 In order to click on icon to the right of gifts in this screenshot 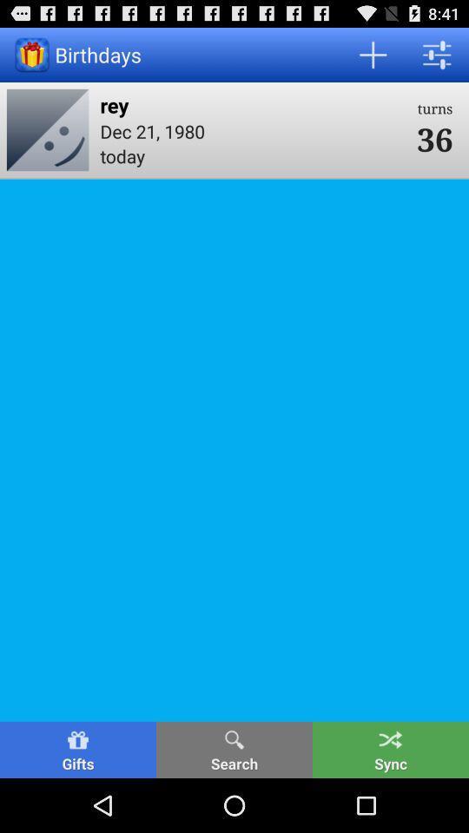, I will do `click(234, 749)`.